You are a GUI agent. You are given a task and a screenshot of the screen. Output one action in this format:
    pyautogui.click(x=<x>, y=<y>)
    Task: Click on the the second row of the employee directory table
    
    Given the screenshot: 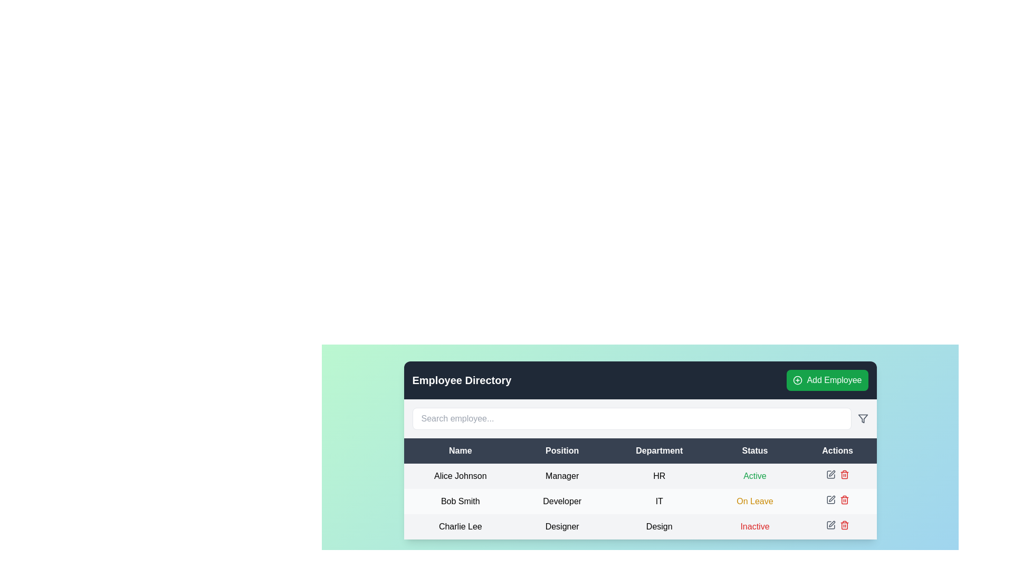 What is the action you would take?
    pyautogui.click(x=639, y=501)
    